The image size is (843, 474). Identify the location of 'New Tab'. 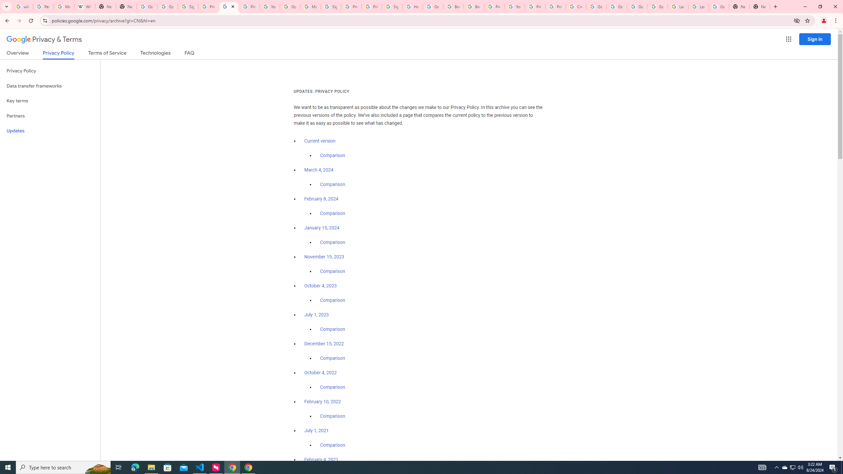
(739, 6).